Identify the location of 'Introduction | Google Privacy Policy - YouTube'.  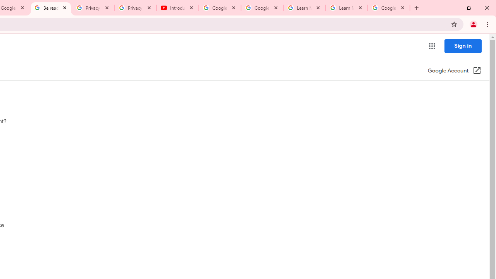
(177, 8).